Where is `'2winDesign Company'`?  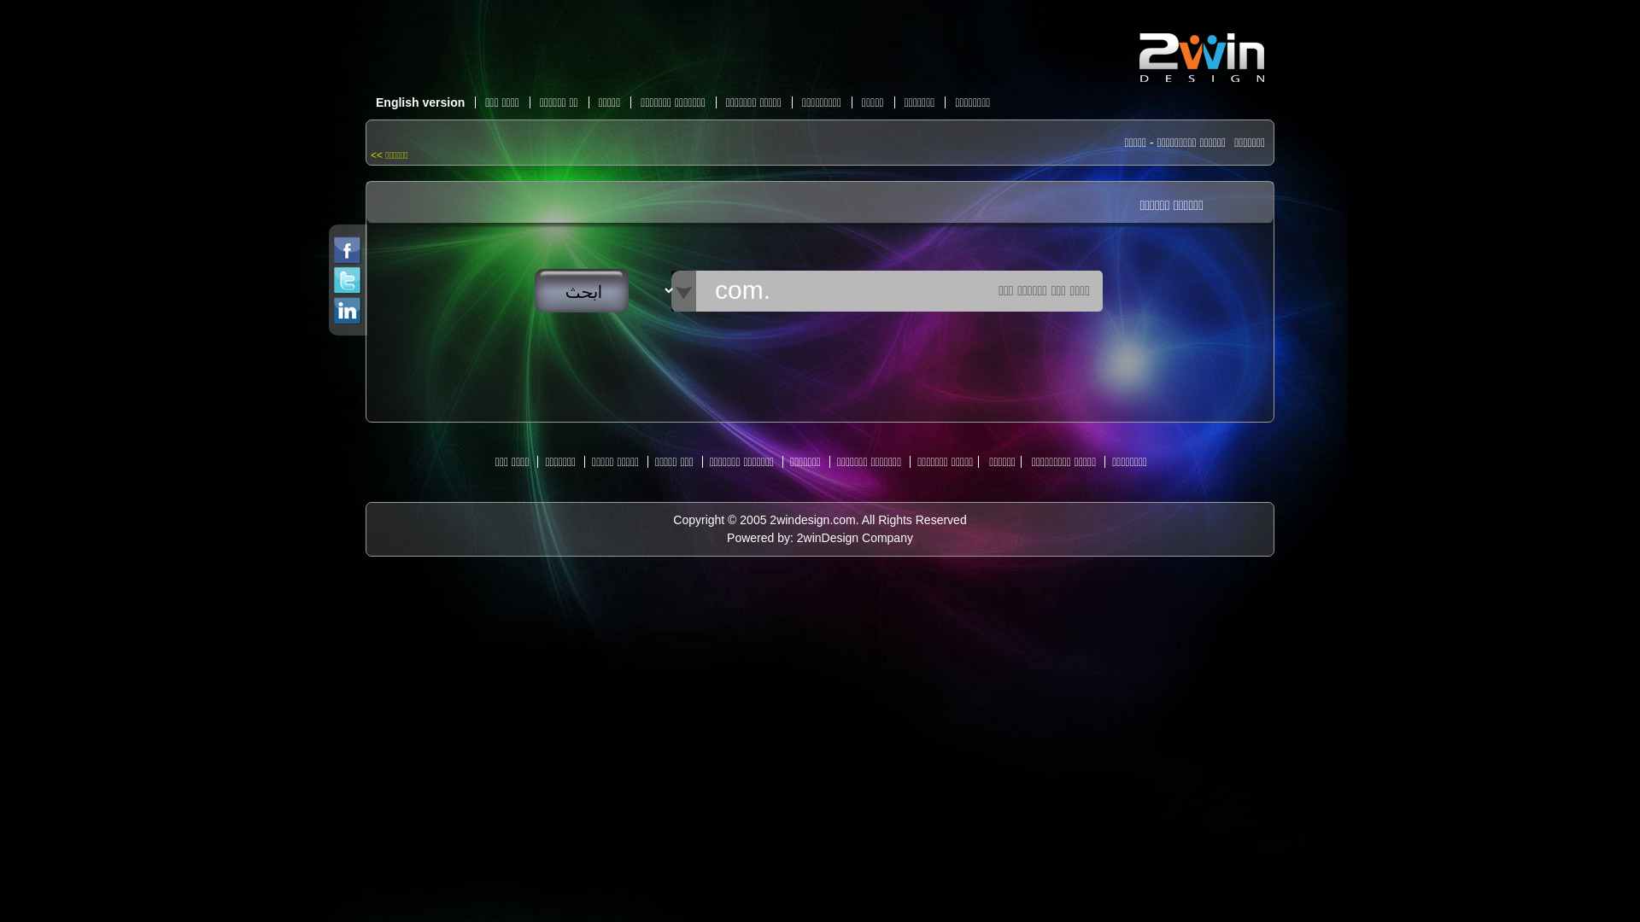 '2winDesign Company' is located at coordinates (855, 536).